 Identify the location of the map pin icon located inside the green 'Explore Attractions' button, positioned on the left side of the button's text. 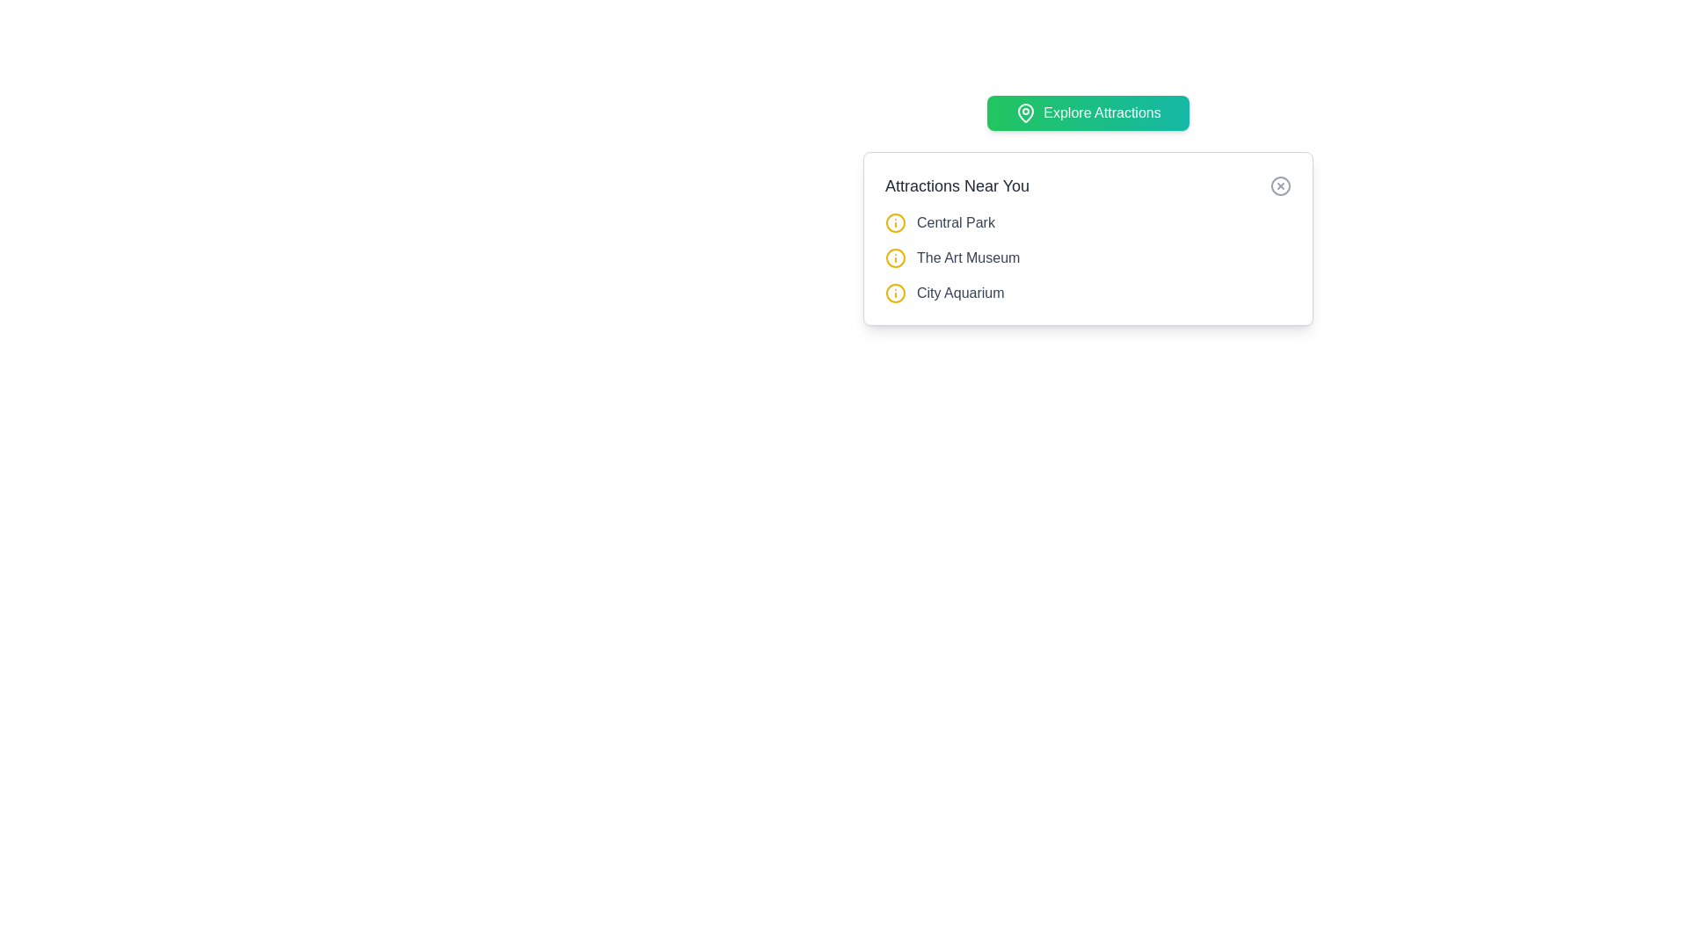
(1026, 112).